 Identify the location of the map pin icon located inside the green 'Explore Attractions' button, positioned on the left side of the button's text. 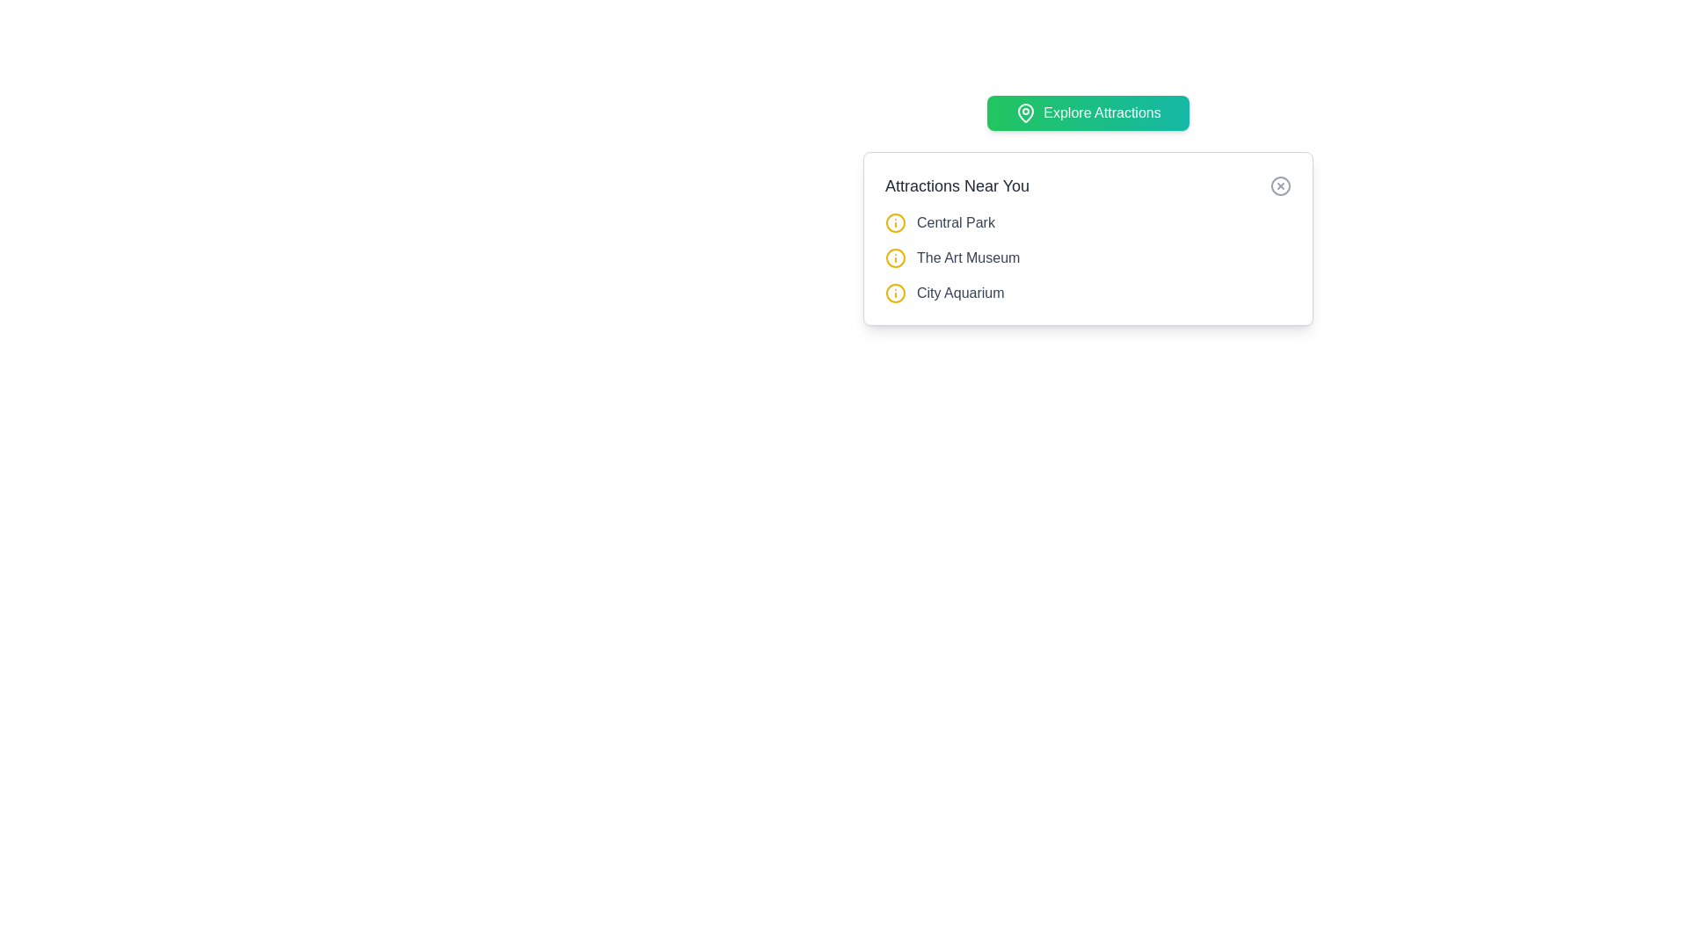
(1026, 112).